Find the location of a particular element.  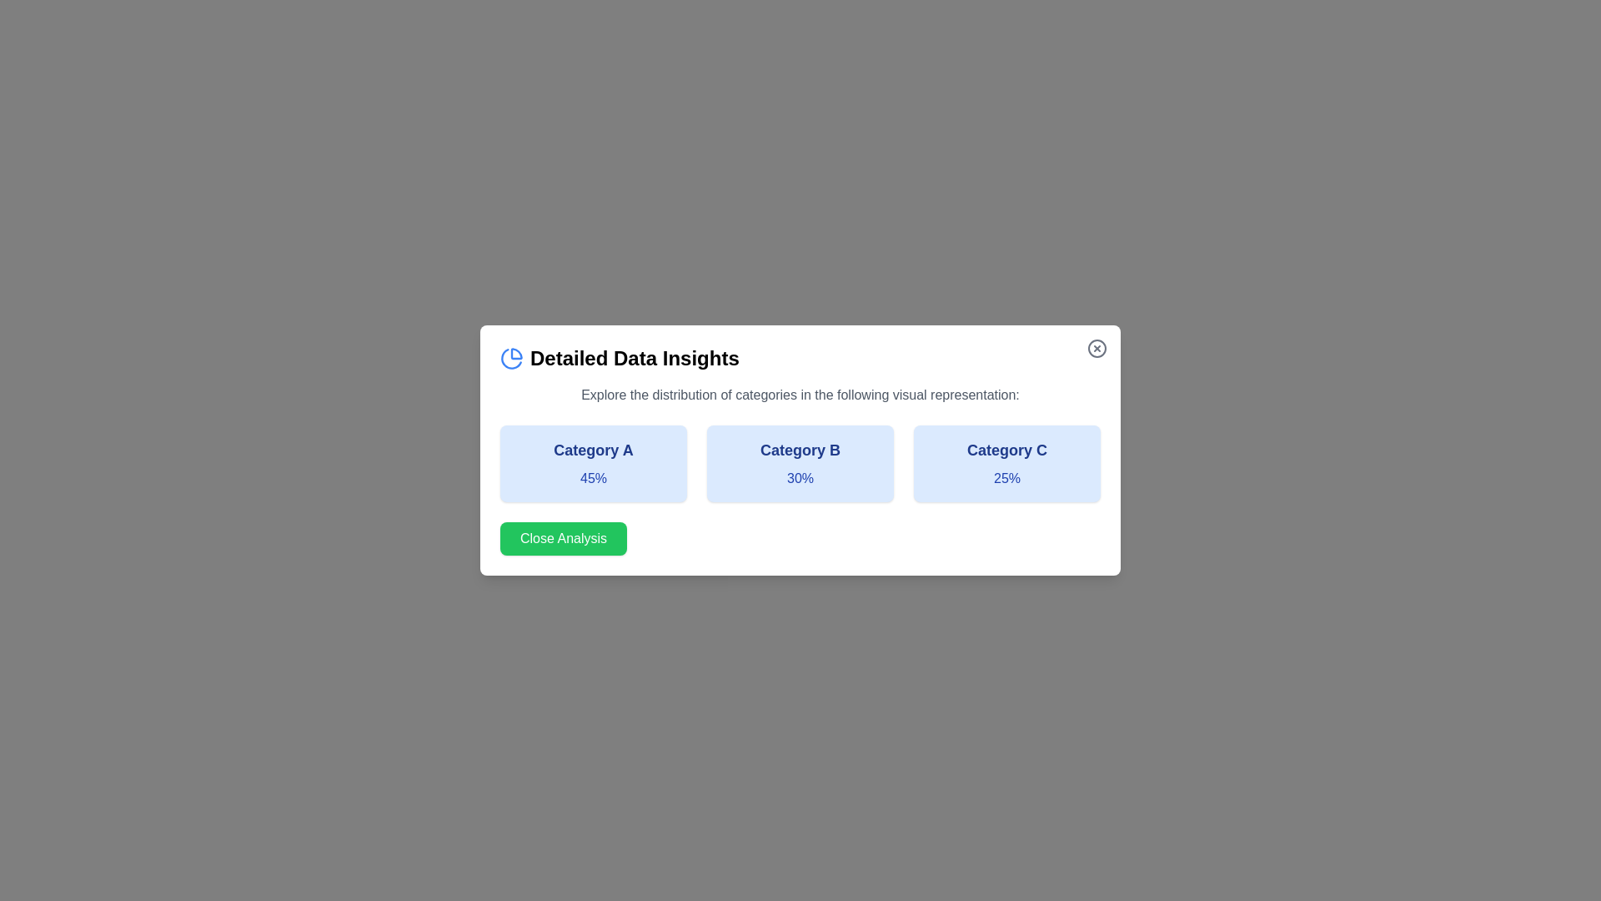

the close button represented as a circular shape with a cross mark at the top-right corner of the 'Detailed Data Insights' dialog box is located at coordinates (1097, 347).